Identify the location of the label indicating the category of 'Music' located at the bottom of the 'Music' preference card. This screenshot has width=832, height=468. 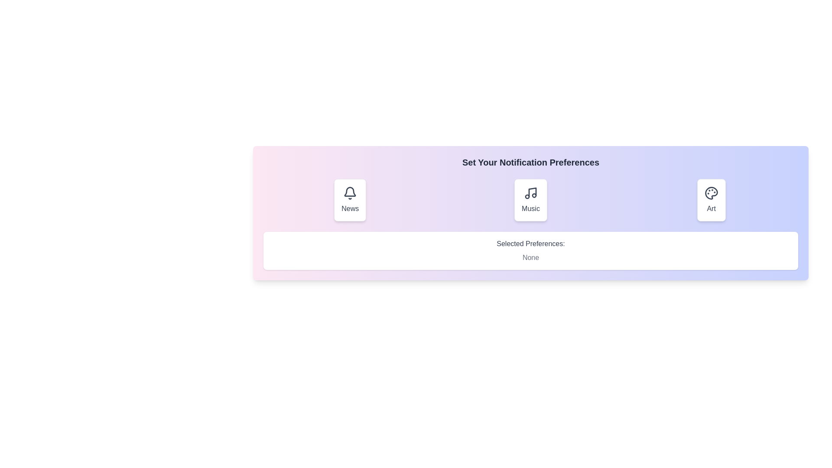
(530, 209).